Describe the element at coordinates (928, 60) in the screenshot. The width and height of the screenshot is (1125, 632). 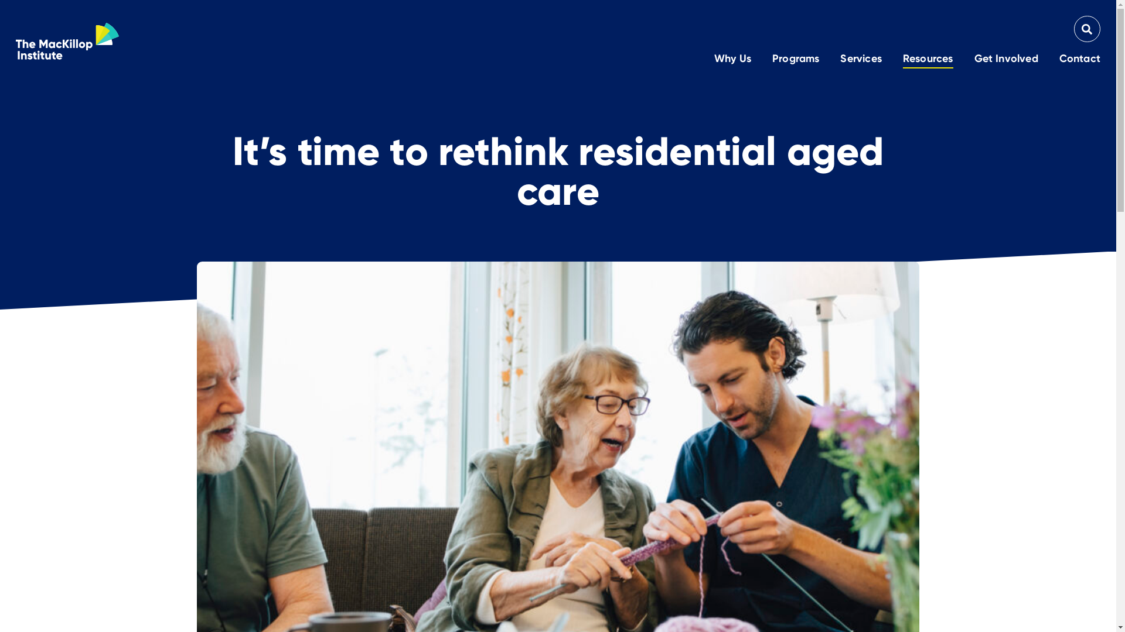
I see `'Resources'` at that location.